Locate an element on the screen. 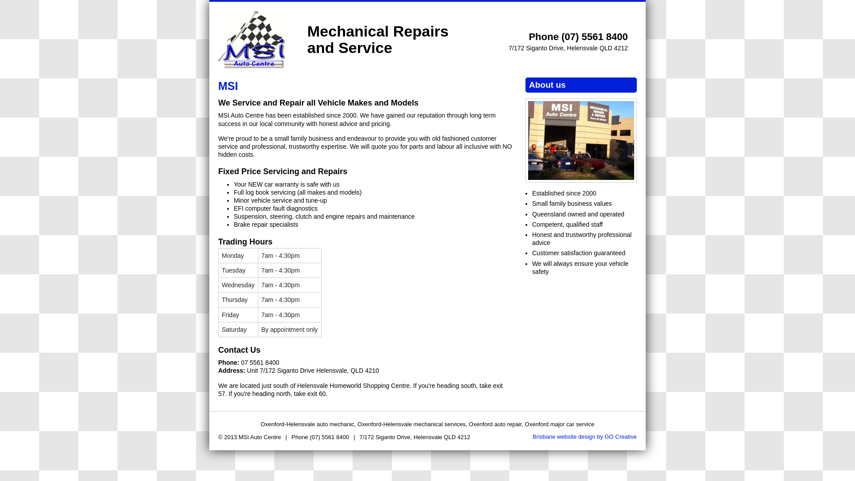  'About us' is located at coordinates (581, 139).